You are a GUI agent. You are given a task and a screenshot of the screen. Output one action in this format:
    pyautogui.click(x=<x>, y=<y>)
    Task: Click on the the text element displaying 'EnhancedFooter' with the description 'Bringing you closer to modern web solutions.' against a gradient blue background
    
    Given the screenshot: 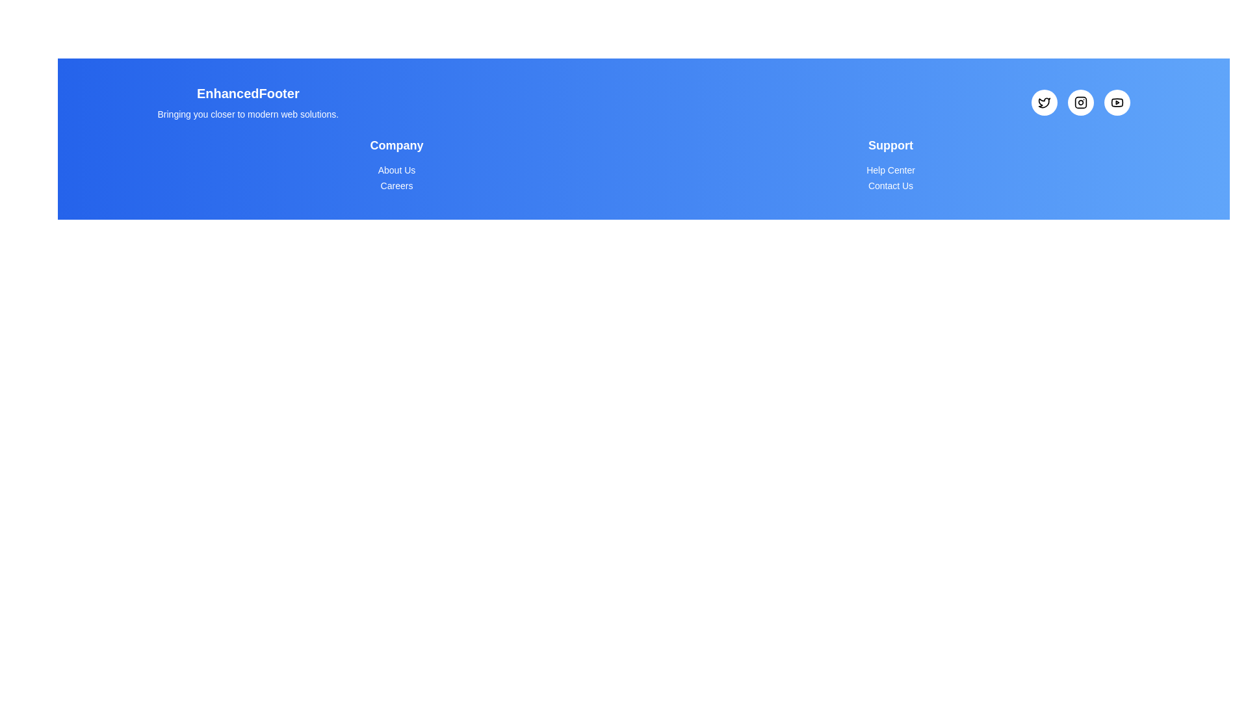 What is the action you would take?
    pyautogui.click(x=248, y=102)
    